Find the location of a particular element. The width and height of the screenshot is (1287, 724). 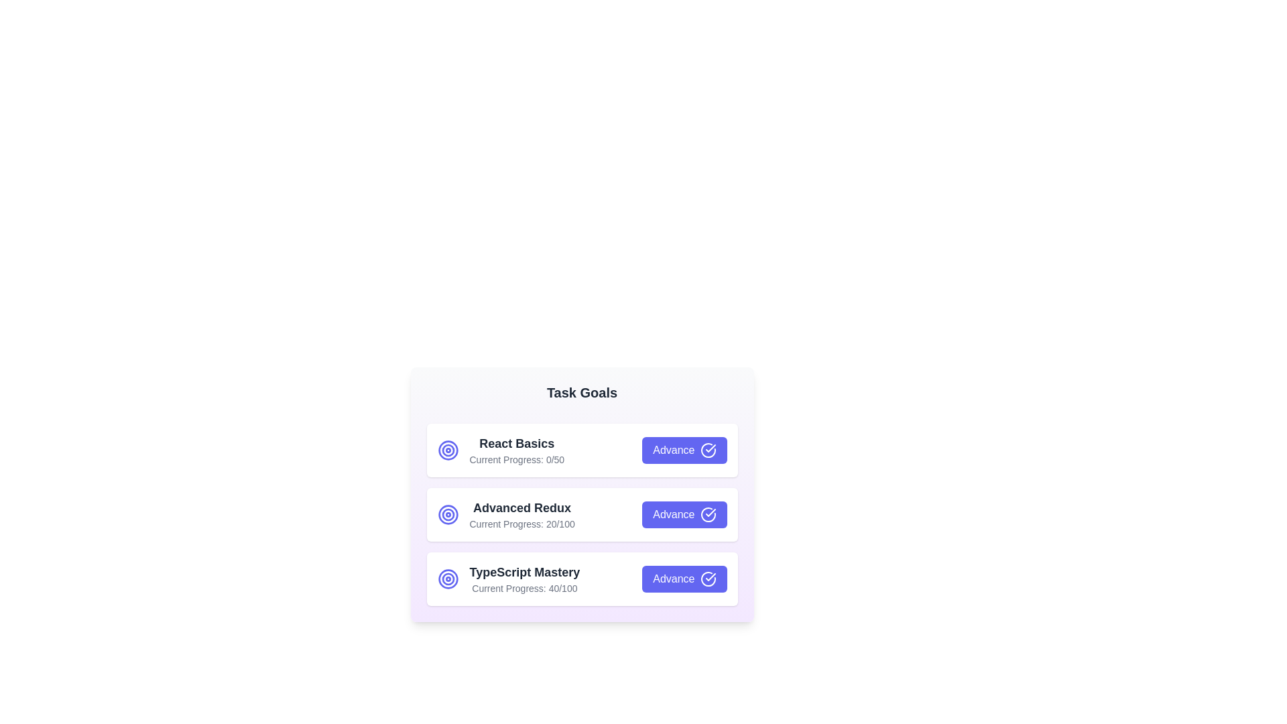

the Text Label that serves as a title or heading for the section, positioned at the top center of its card-like structure with a gradient background is located at coordinates (582, 392).